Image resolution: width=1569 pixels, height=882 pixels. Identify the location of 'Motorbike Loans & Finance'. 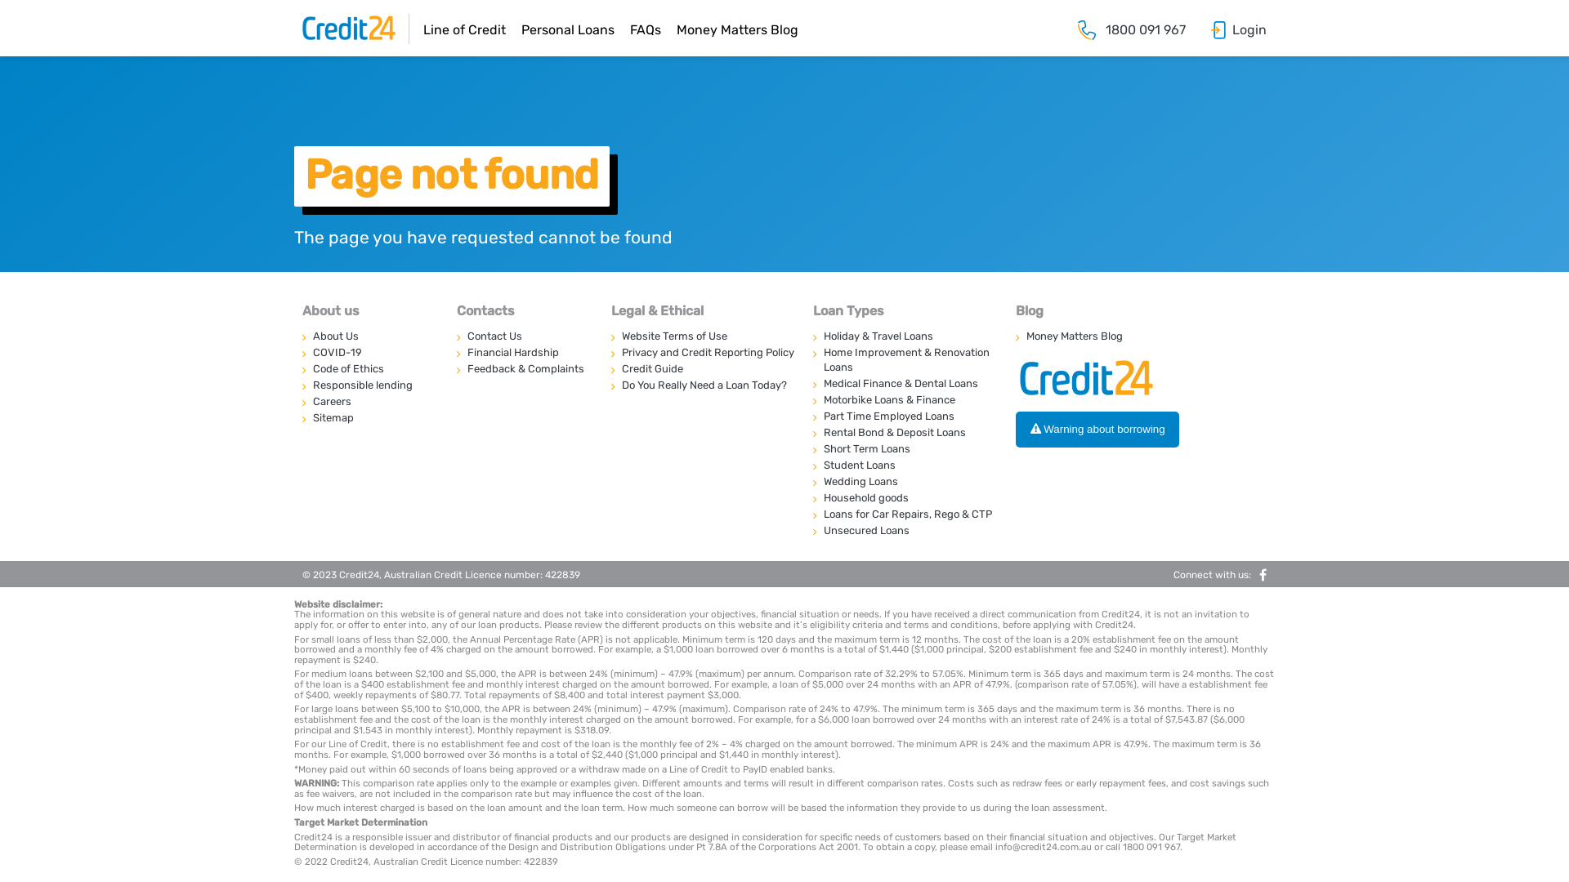
(904, 399).